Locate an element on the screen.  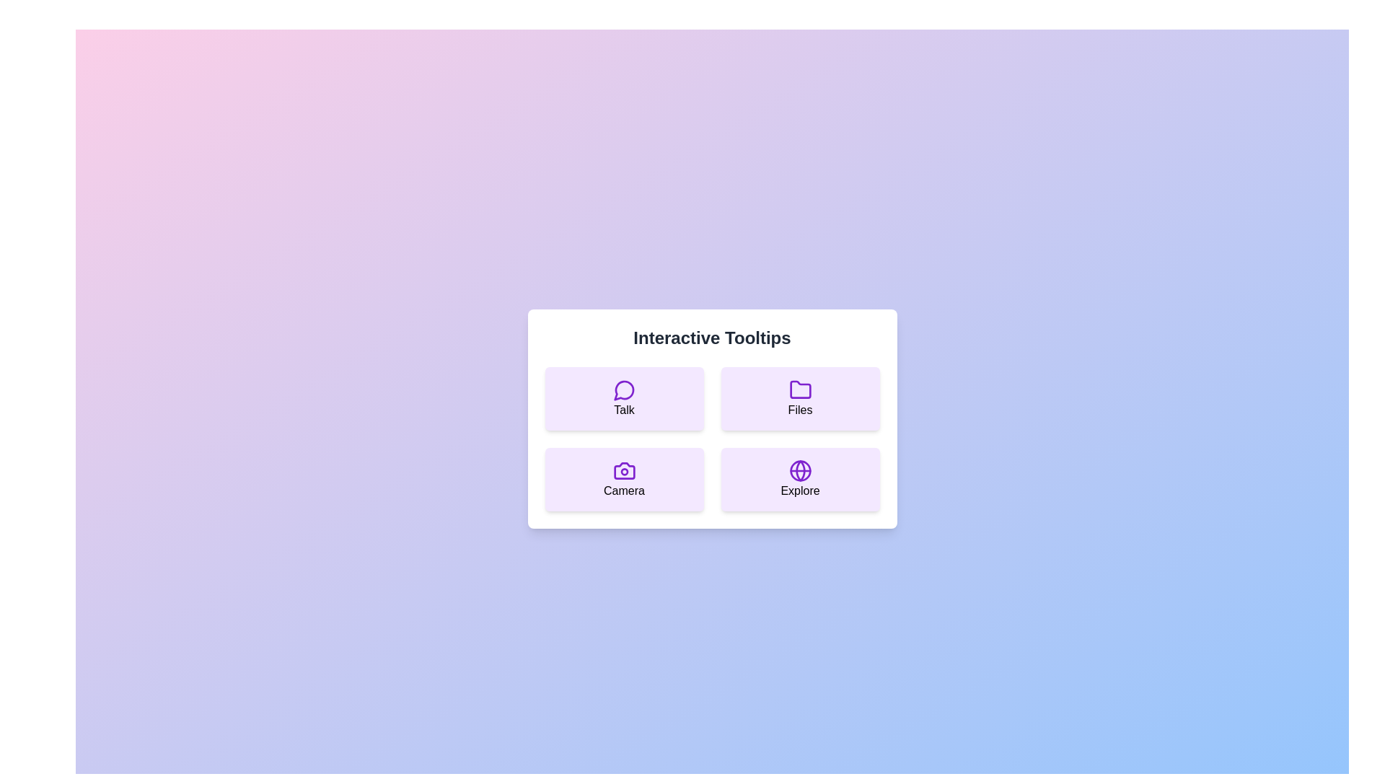
the Decorative placeholder button located in the bottom-right quadrant of the grid layout, which is the fourth button in the sequence, used to indicate the 'Explore' feature is located at coordinates (799, 479).